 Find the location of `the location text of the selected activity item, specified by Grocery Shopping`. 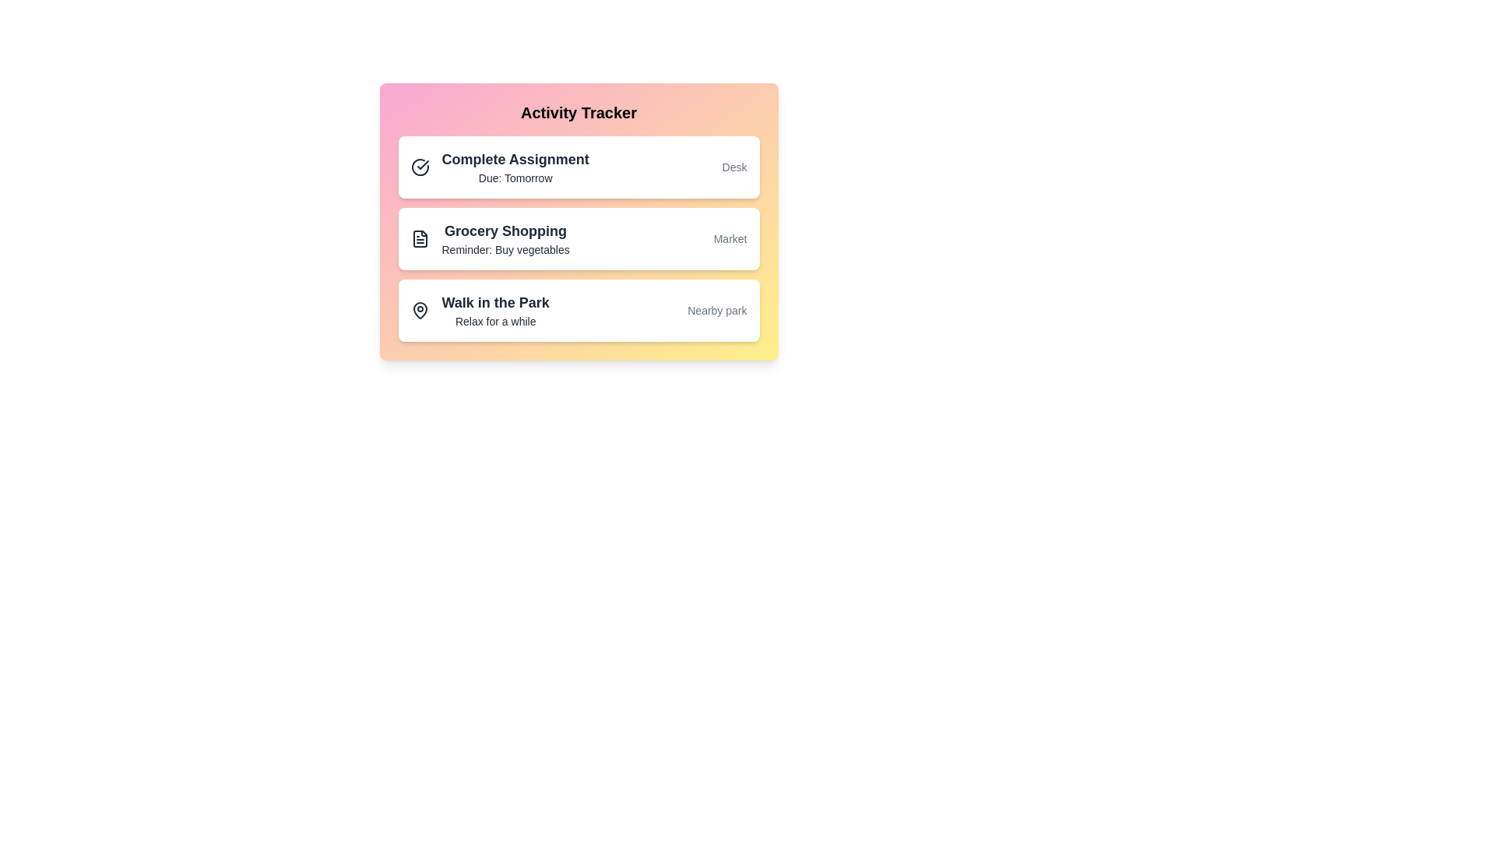

the location text of the selected activity item, specified by Grocery Shopping is located at coordinates (730, 239).